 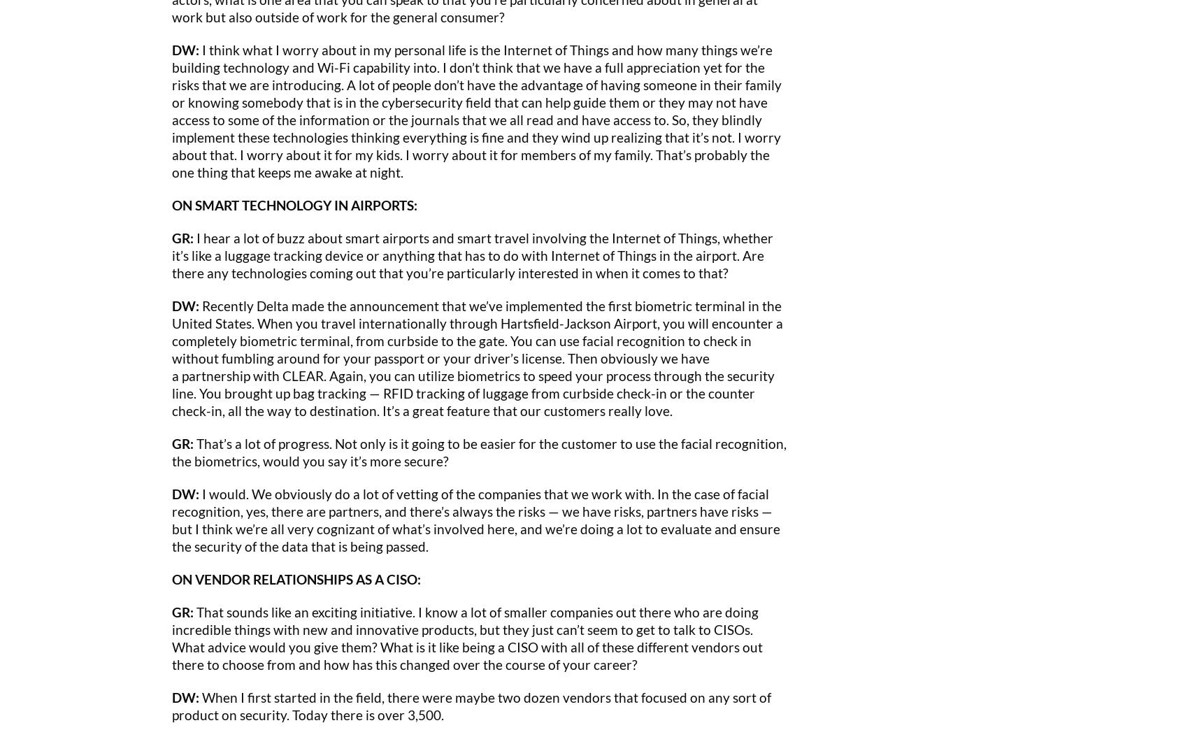 What do you see at coordinates (471, 704) in the screenshot?
I see `'When I first started in the field, there were maybe two dozen vendors that focused on any sort of product on security. Today there is over 3,500.'` at bounding box center [471, 704].